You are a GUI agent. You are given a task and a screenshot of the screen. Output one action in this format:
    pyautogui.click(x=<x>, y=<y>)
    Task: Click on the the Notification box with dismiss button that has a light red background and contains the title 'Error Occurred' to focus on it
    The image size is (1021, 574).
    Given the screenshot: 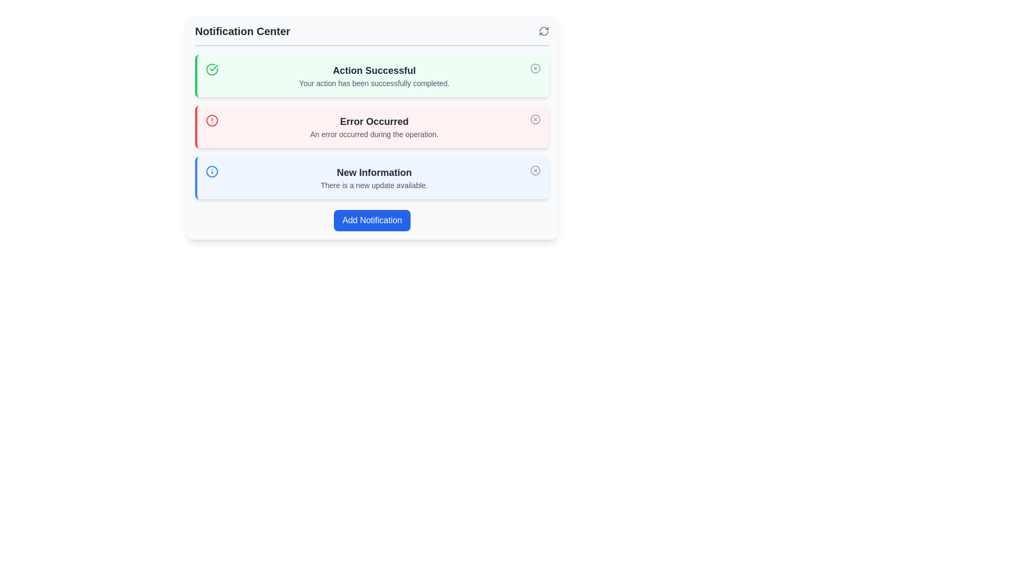 What is the action you would take?
    pyautogui.click(x=372, y=126)
    